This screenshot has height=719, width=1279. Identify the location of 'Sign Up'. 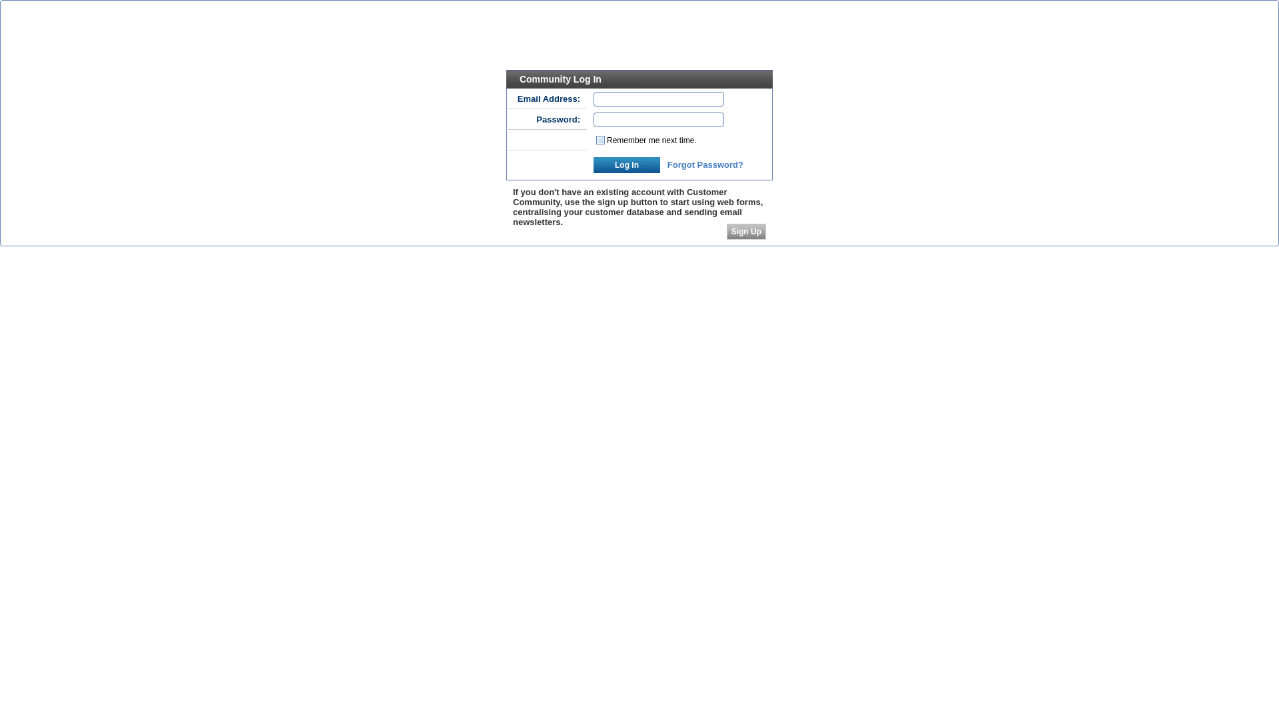
(746, 230).